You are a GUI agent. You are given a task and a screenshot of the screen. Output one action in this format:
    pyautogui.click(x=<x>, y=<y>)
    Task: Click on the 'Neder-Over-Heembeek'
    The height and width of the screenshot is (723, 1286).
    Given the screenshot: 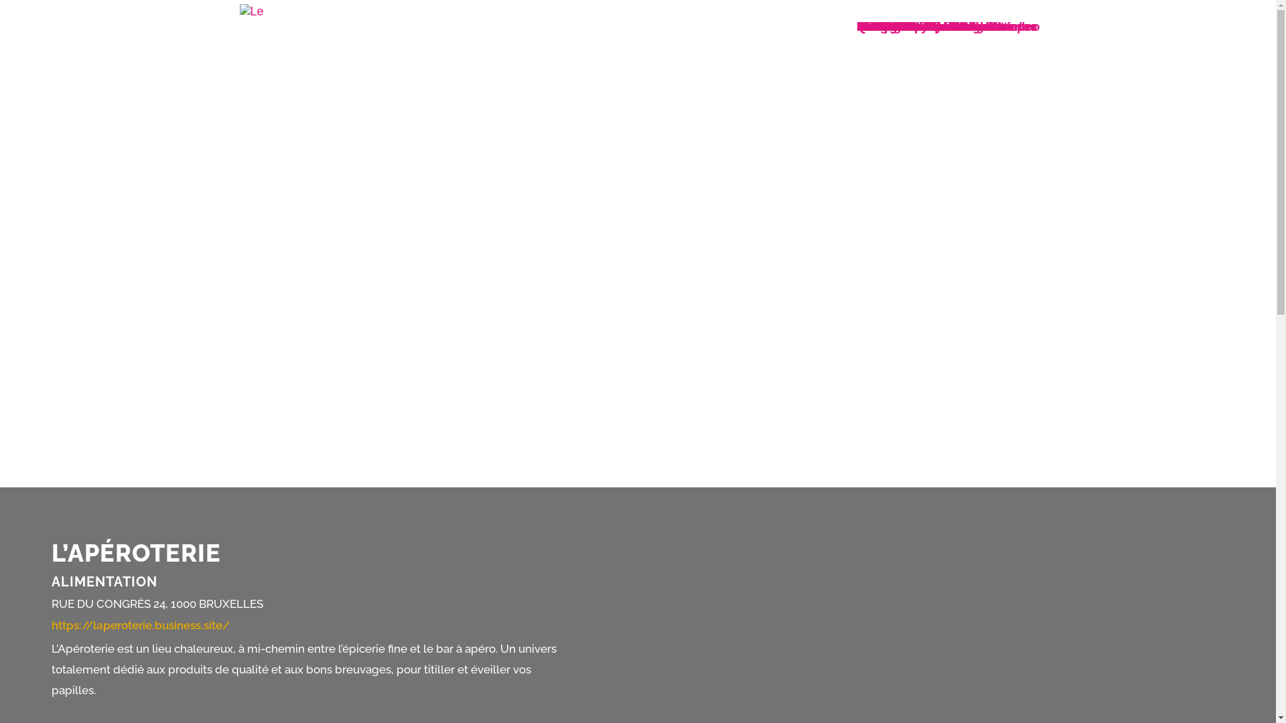 What is the action you would take?
    pyautogui.click(x=921, y=26)
    